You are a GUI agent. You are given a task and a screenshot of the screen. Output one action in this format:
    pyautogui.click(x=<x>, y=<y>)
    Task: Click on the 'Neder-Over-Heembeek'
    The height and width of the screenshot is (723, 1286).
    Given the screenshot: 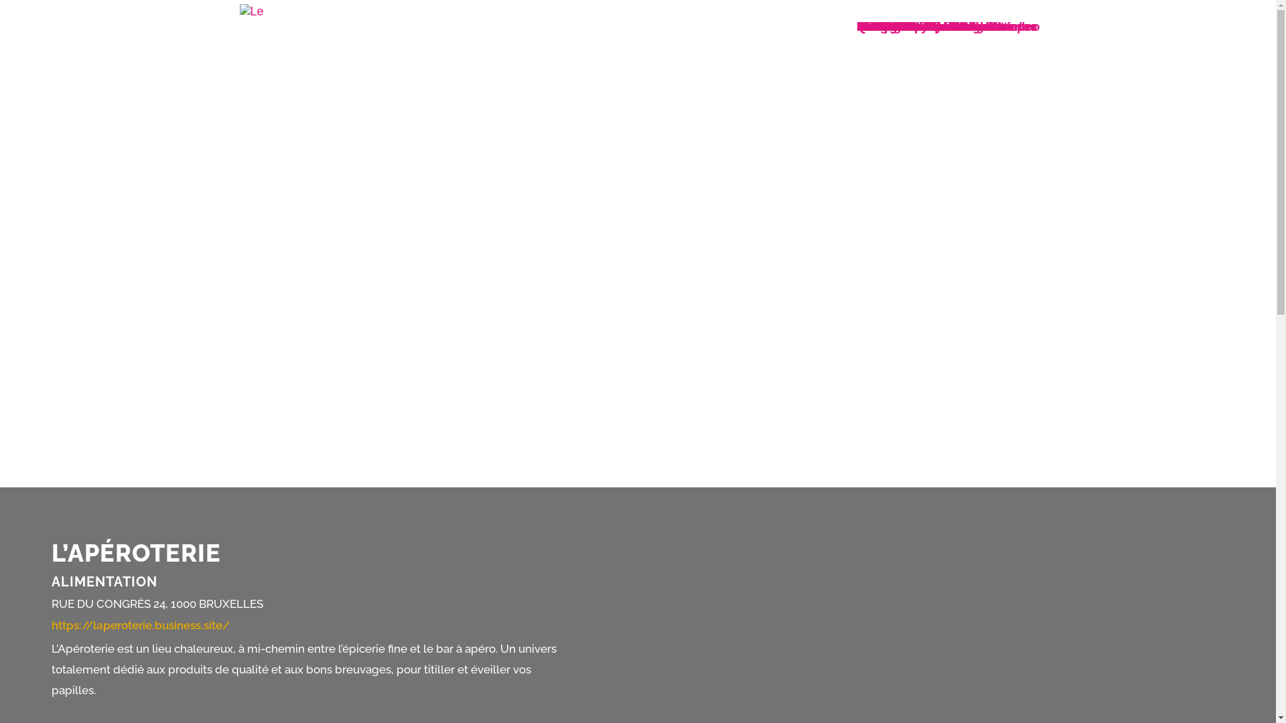 What is the action you would take?
    pyautogui.click(x=921, y=26)
    